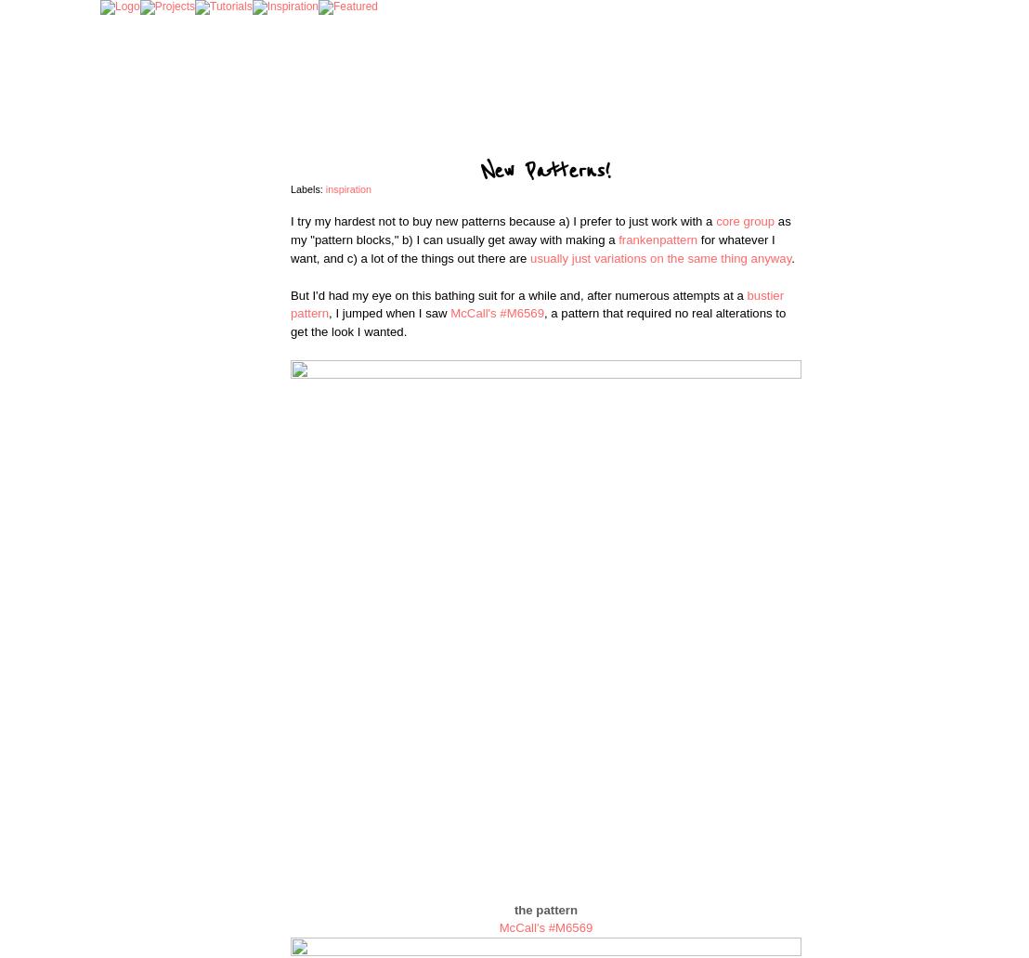 The height and width of the screenshot is (958, 1029). Describe the element at coordinates (744, 220) in the screenshot. I see `'core group'` at that location.